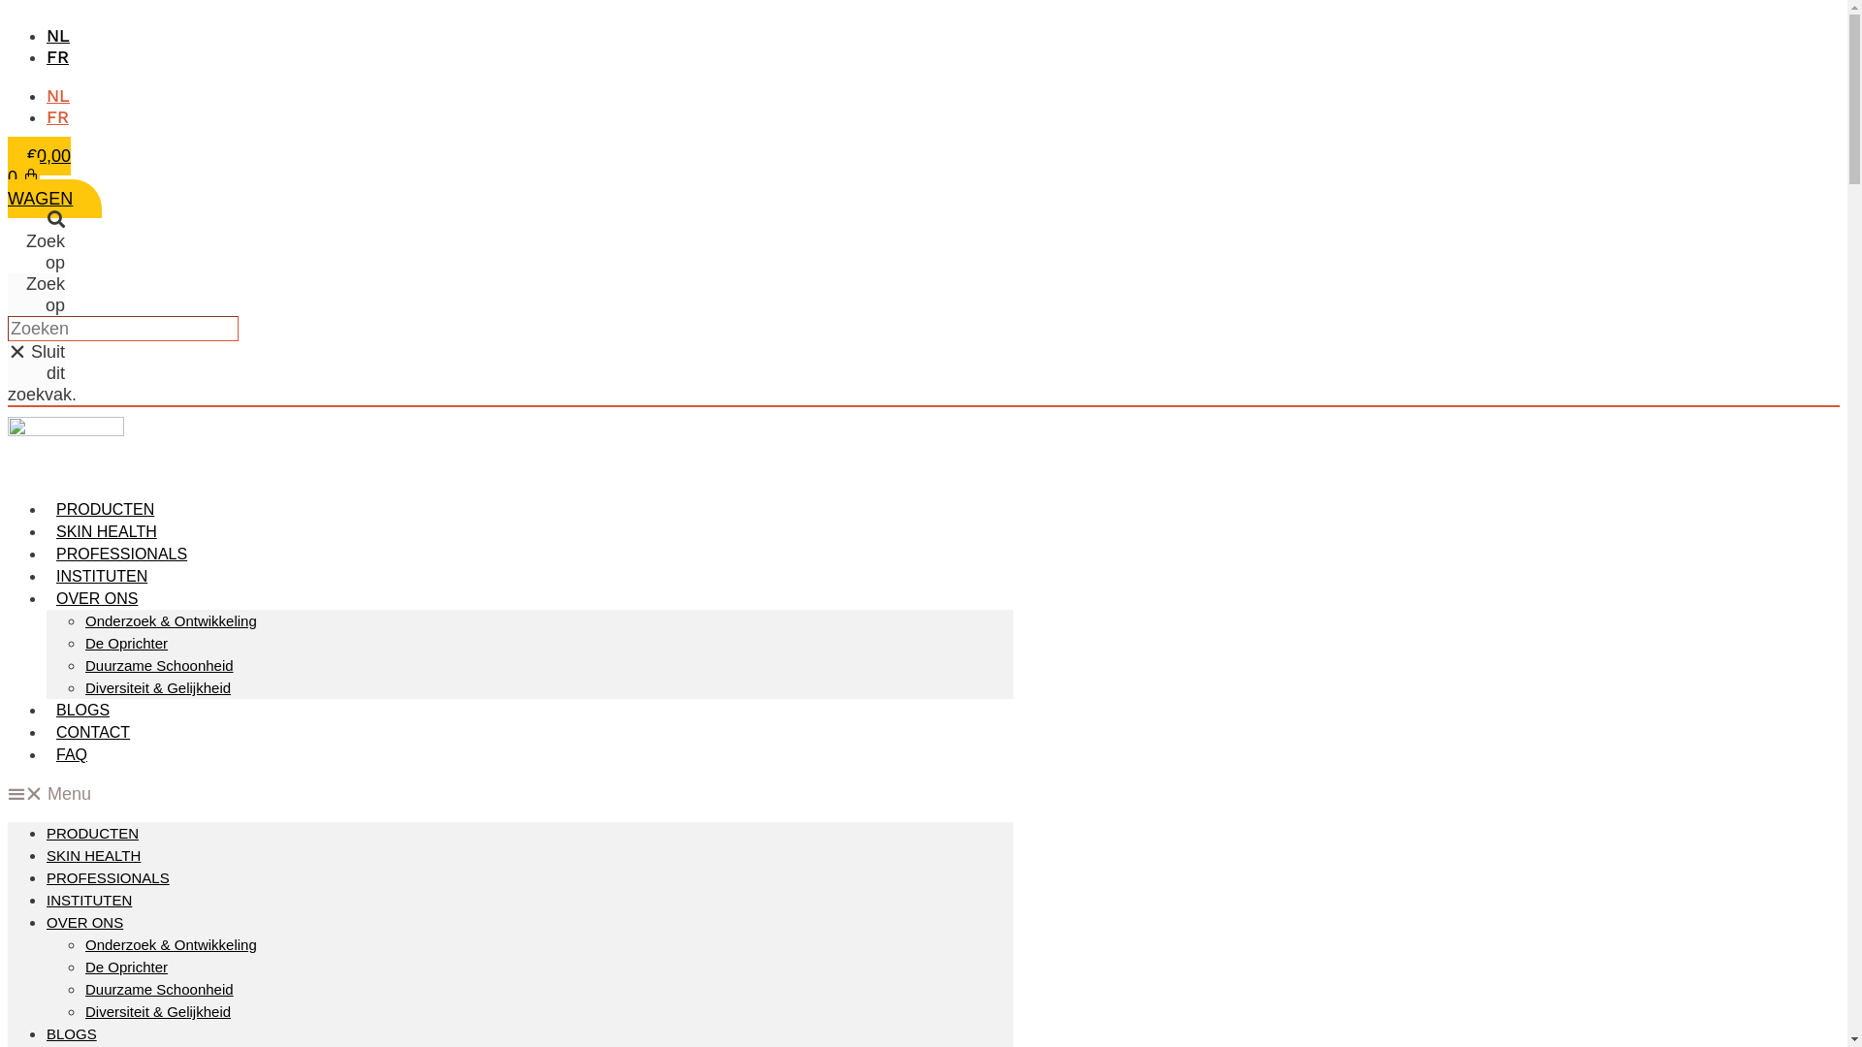  Describe the element at coordinates (159, 989) in the screenshot. I see `'Duurzame Schoonheid'` at that location.